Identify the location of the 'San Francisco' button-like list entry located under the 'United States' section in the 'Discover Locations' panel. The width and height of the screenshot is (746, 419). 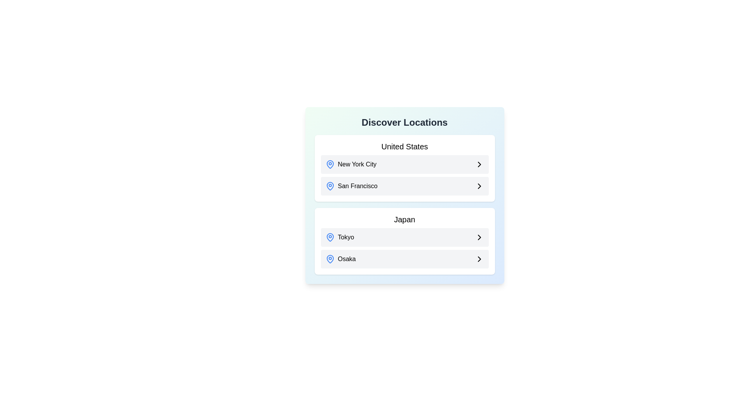
(350, 186).